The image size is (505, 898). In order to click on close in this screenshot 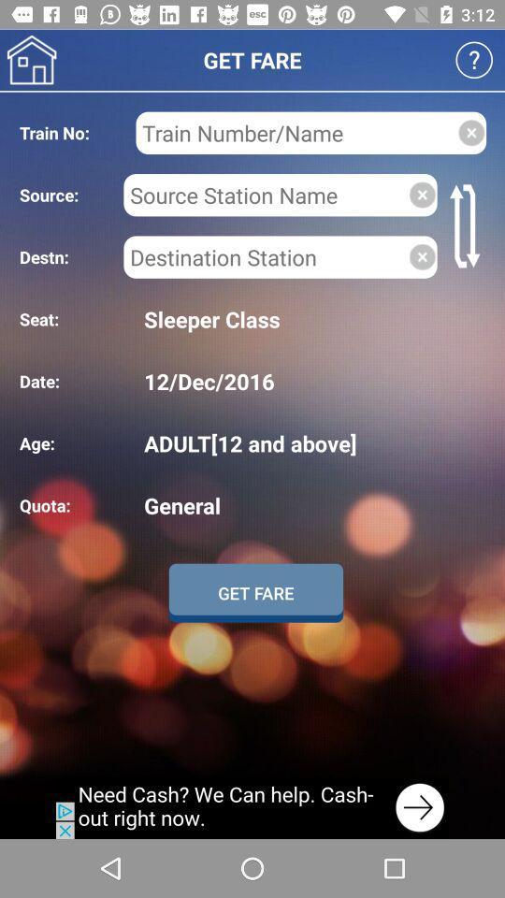, I will do `click(422, 195)`.